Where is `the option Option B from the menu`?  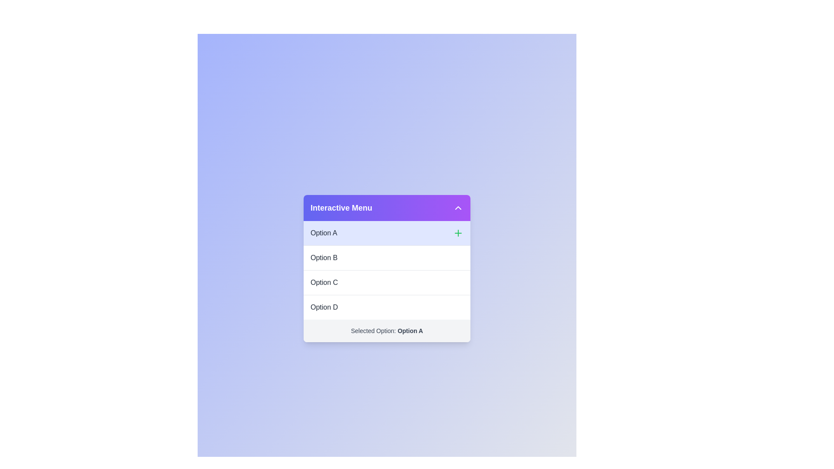 the option Option B from the menu is located at coordinates (387, 257).